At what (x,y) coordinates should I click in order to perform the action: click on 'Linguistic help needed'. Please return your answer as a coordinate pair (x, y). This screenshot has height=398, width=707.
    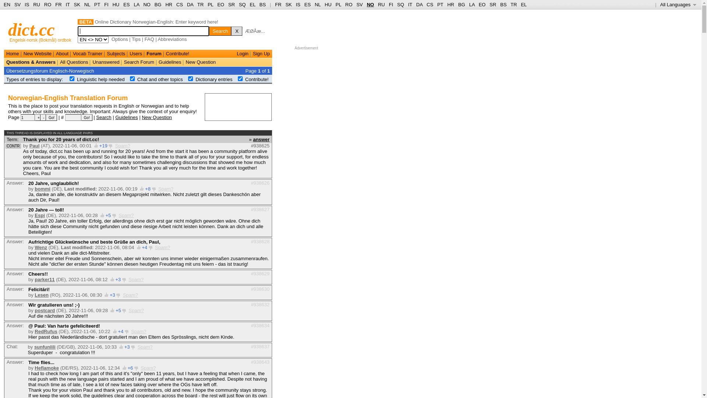
    Looking at the image, I should click on (100, 79).